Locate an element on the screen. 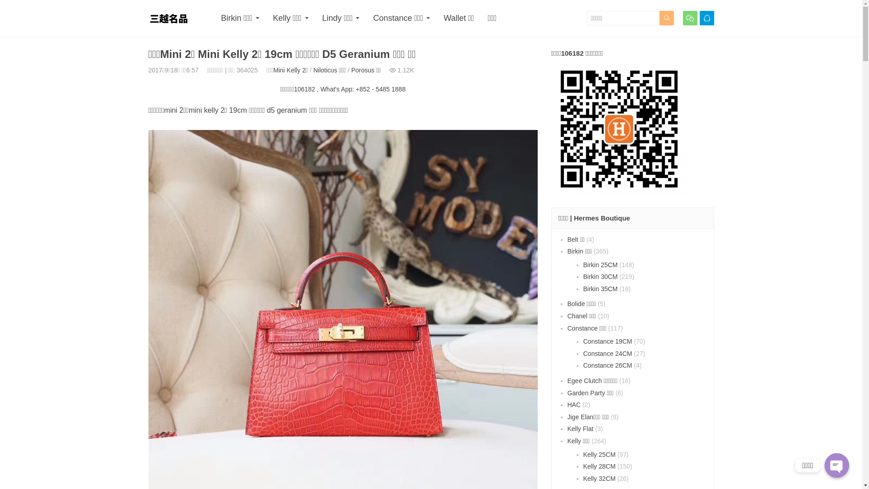 The width and height of the screenshot is (869, 489). 'Constance 19CM' is located at coordinates (607, 341).